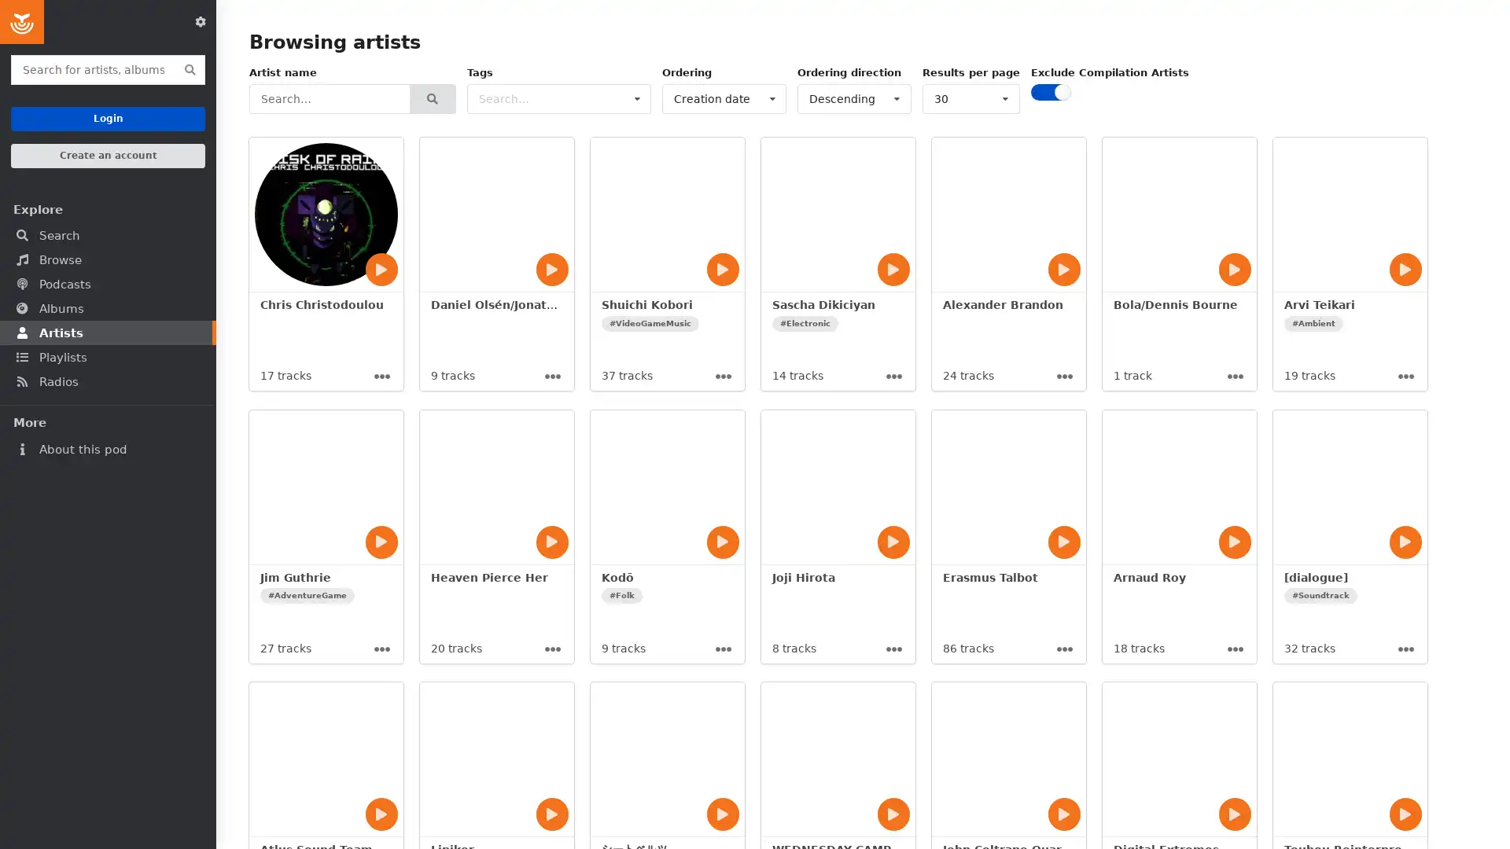 The width and height of the screenshot is (1510, 849). I want to click on Play artist, so click(551, 269).